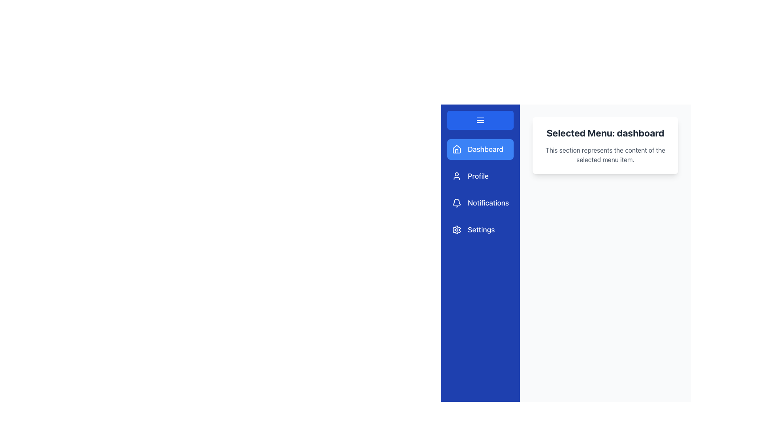 The width and height of the screenshot is (758, 426). What do you see at coordinates (480, 120) in the screenshot?
I see `the blue rectangular button with rounded corners containing three horizontal lines at the top of the vertical sidebar menu` at bounding box center [480, 120].